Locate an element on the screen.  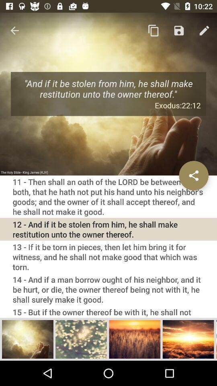
the icon on the right is located at coordinates (193, 175).